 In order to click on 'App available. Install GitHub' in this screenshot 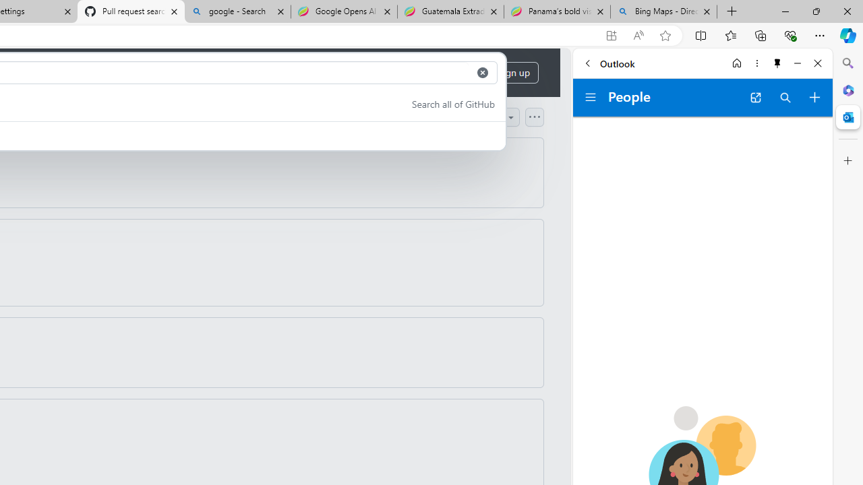, I will do `click(610, 35)`.